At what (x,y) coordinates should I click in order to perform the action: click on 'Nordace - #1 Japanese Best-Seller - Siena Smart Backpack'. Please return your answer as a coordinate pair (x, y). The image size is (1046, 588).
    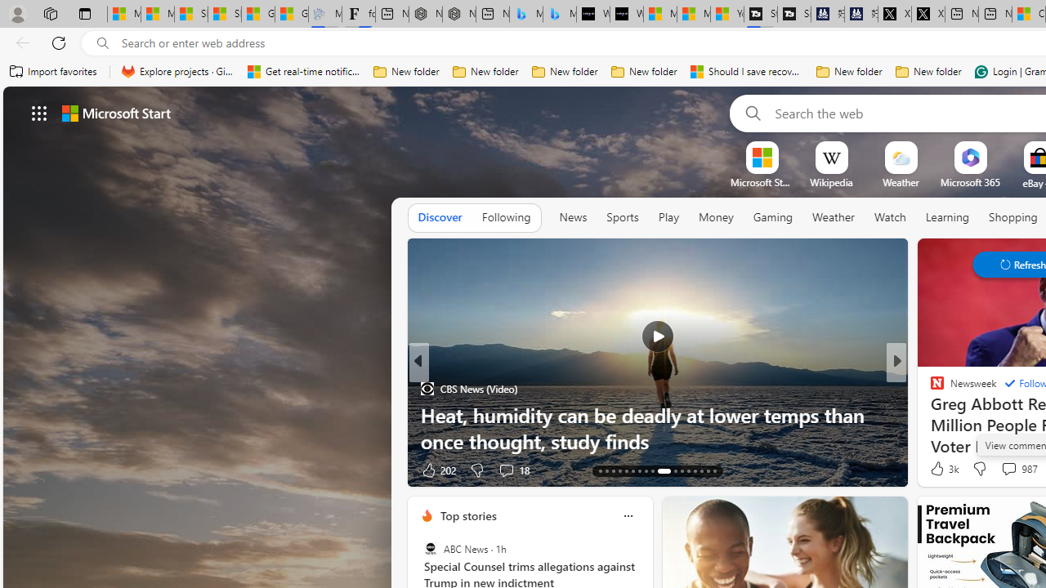
    Looking at the image, I should click on (458, 14).